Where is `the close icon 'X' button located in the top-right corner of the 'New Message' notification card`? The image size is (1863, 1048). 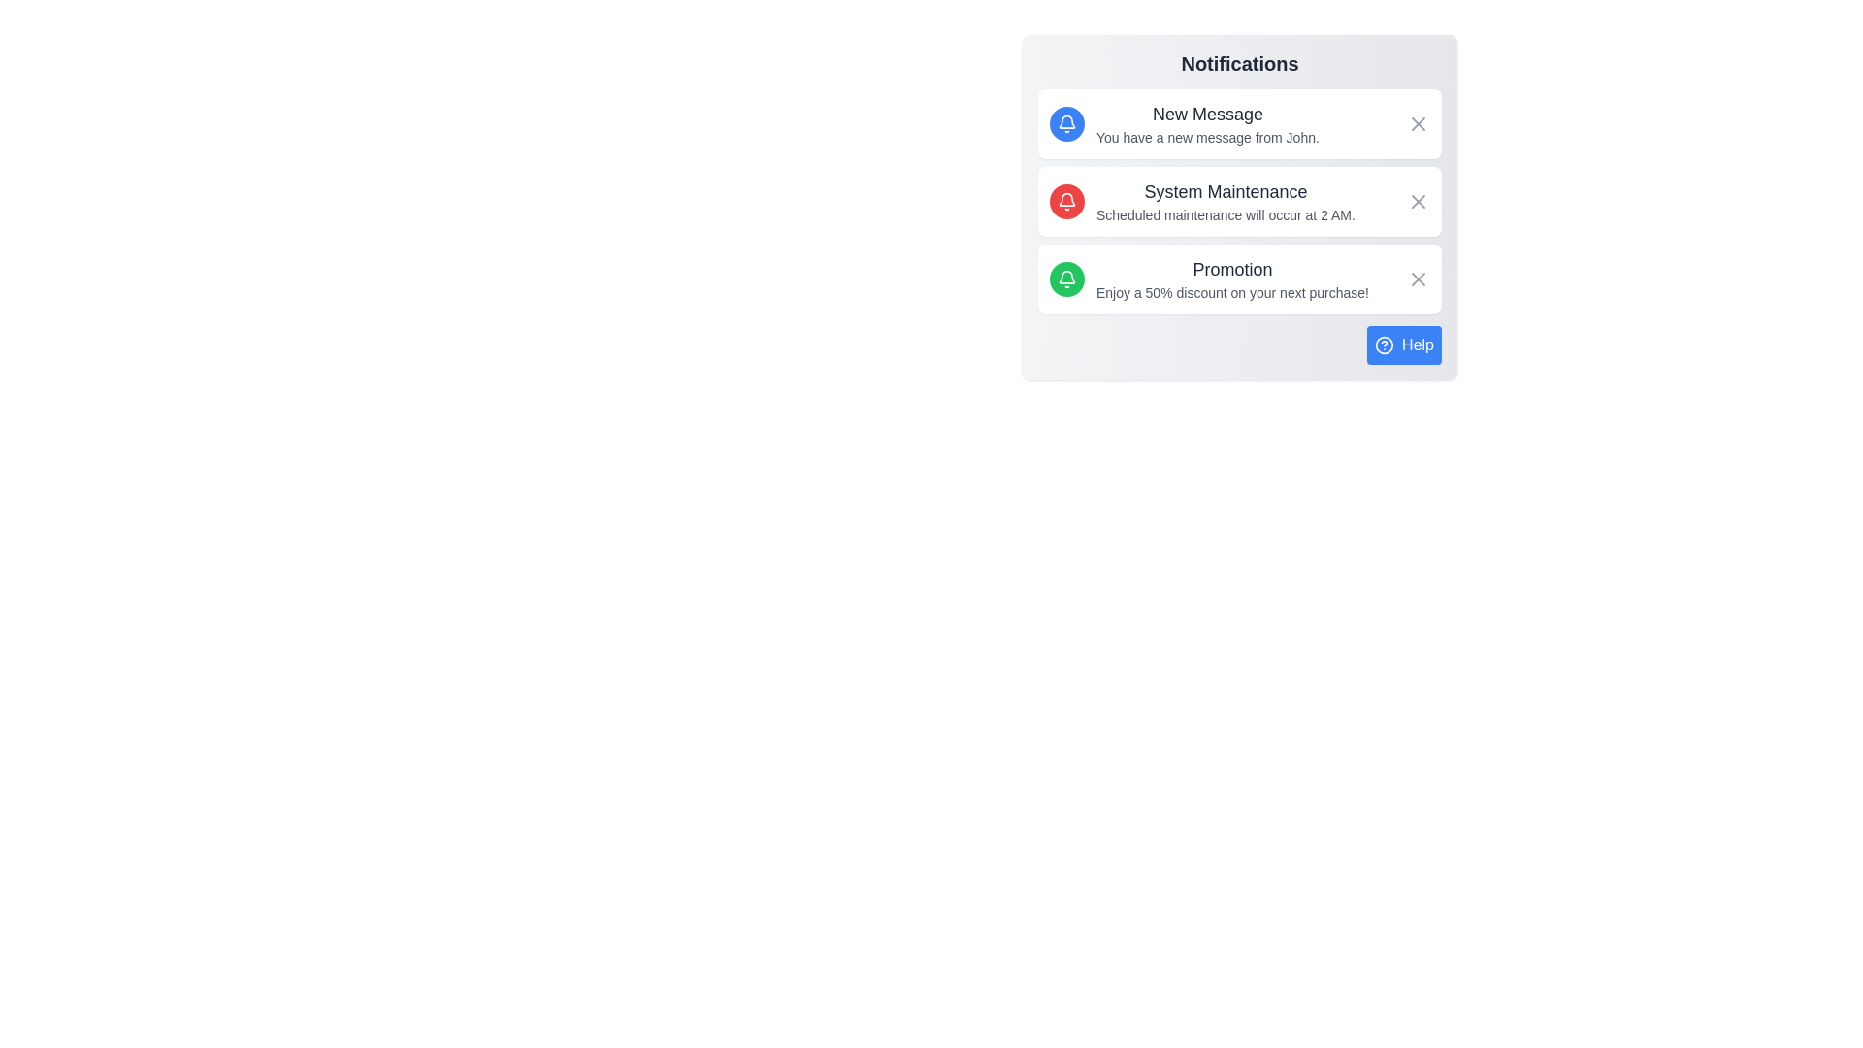
the close icon 'X' button located in the top-right corner of the 'New Message' notification card is located at coordinates (1419, 123).